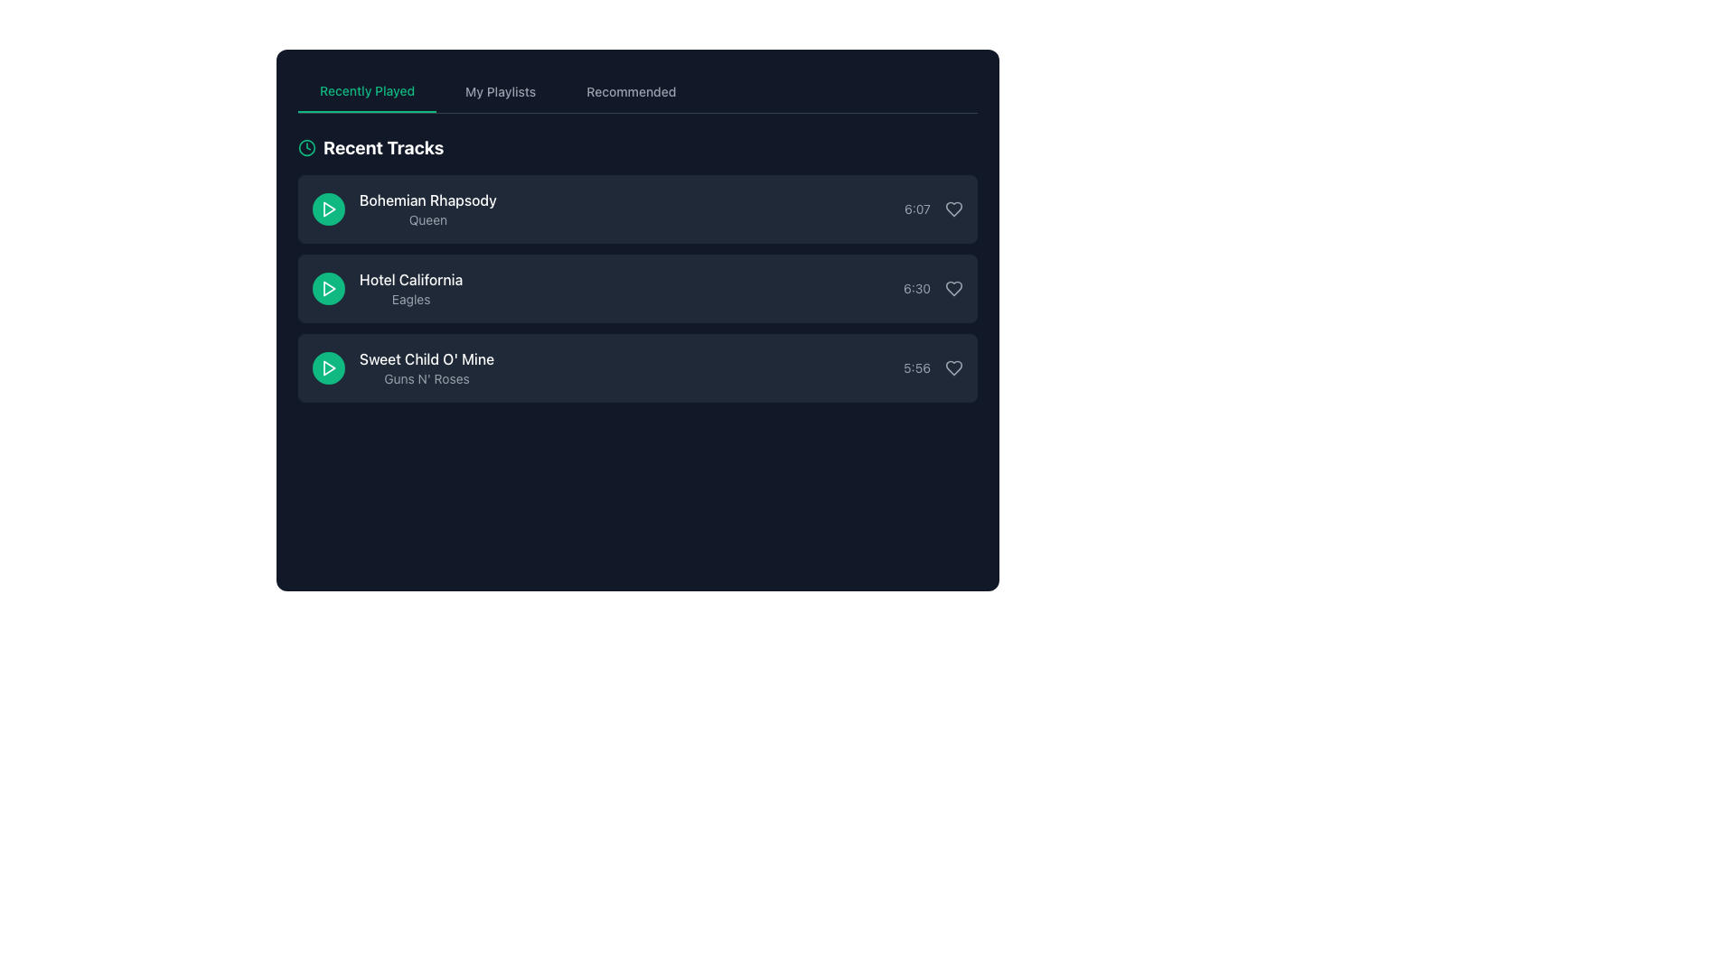 The image size is (1735, 975). Describe the element at coordinates (917, 208) in the screenshot. I see `displayed text from the text label located in the top row of the track list, aligned to the right and near a heart-shaped icon` at that location.